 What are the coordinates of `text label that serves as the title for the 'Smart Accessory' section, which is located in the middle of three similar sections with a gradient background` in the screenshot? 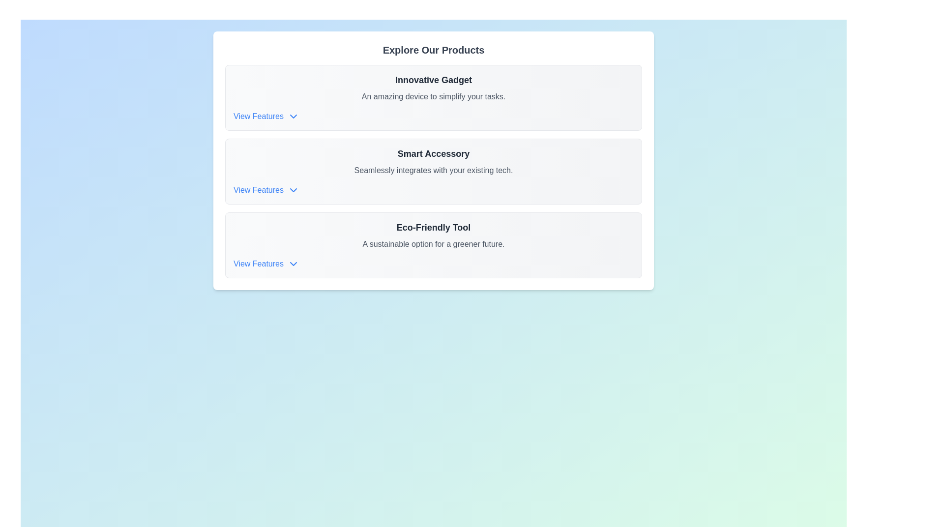 It's located at (433, 153).